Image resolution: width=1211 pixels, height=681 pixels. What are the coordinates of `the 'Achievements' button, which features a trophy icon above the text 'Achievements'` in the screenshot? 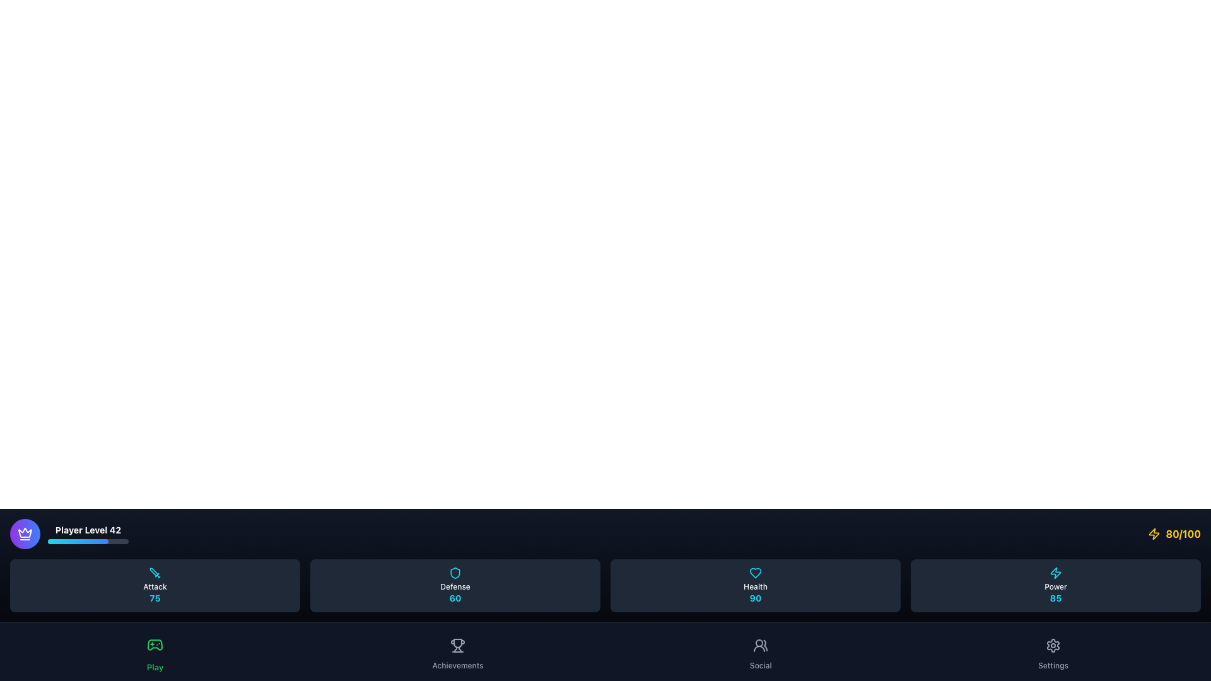 It's located at (457, 651).